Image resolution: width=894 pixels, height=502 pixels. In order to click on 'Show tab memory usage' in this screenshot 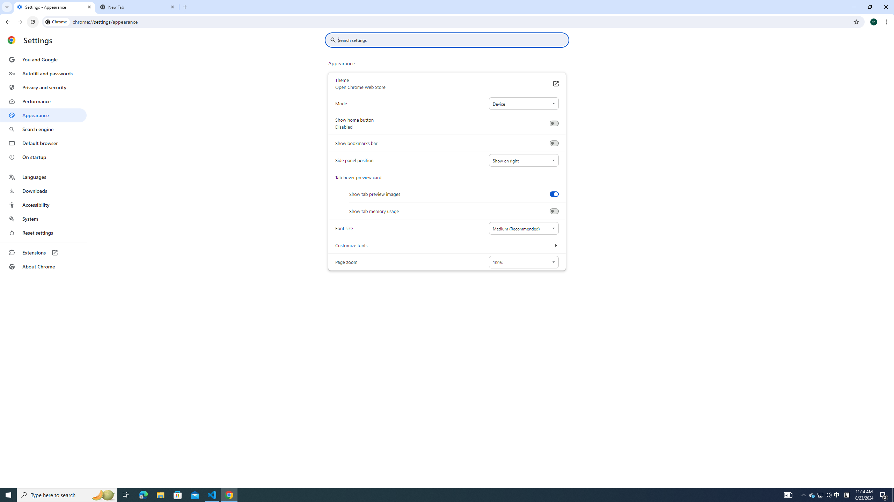, I will do `click(554, 211)`.